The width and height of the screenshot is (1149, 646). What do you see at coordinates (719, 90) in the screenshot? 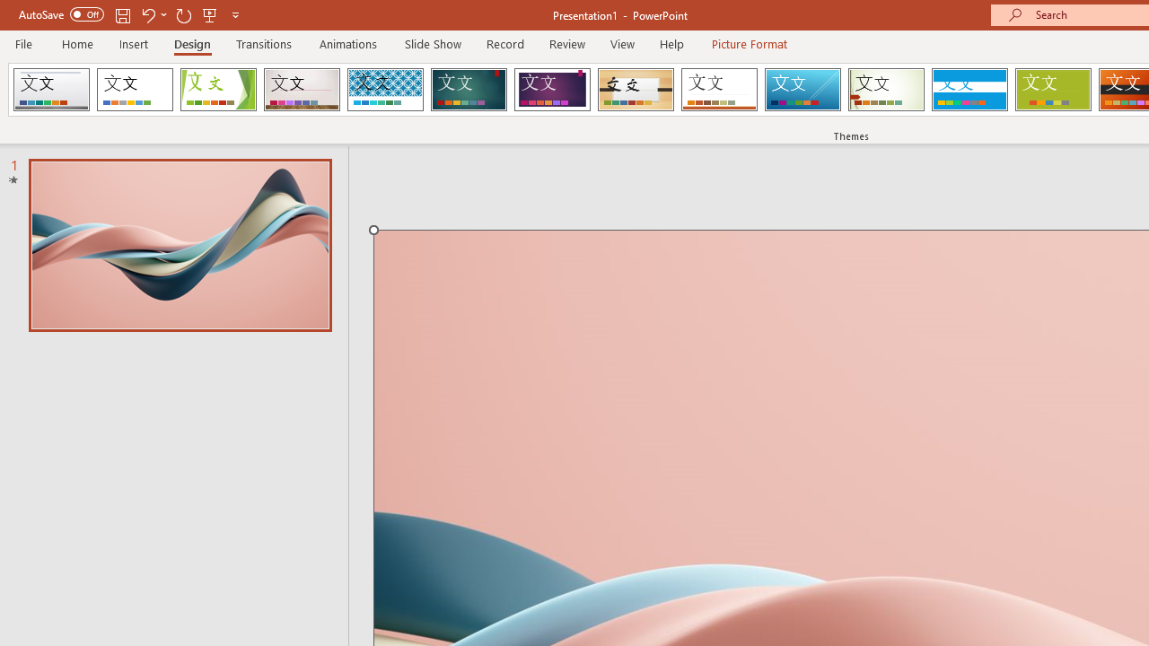
I see `'Retrospect'` at bounding box center [719, 90].